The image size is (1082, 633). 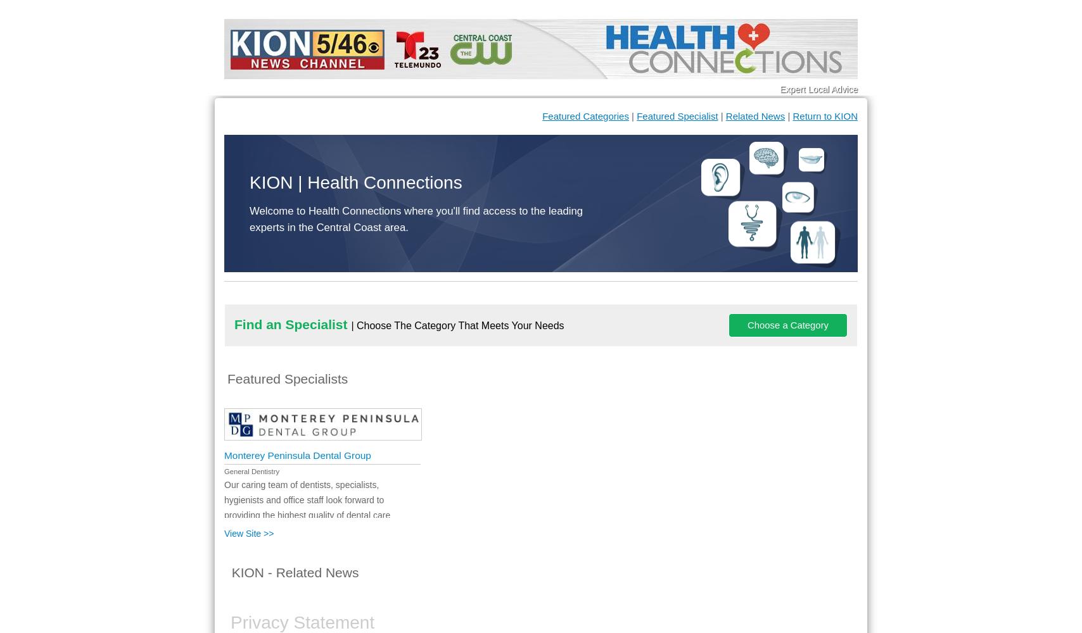 What do you see at coordinates (249, 533) in the screenshot?
I see `'View Site >>'` at bounding box center [249, 533].